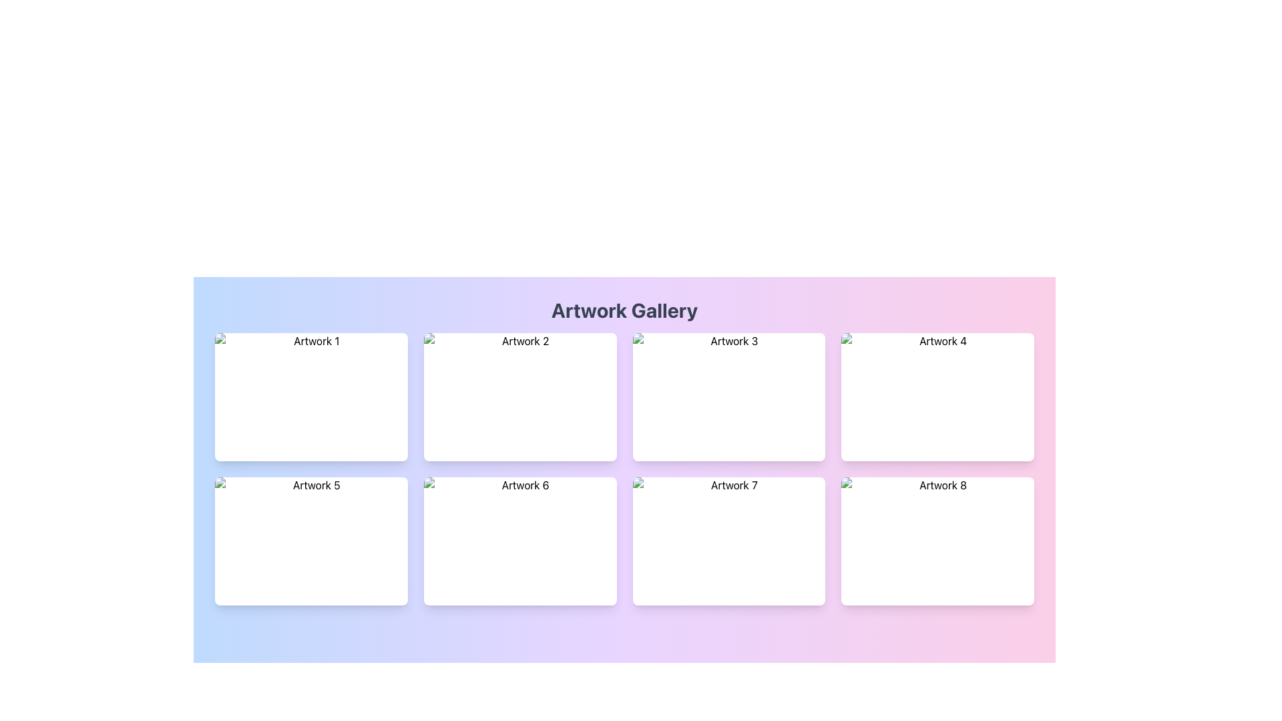 The image size is (1282, 721). Describe the element at coordinates (937, 541) in the screenshot. I see `the Visual Card located in the second row and the fourth column of the artwork gallery grid` at that location.